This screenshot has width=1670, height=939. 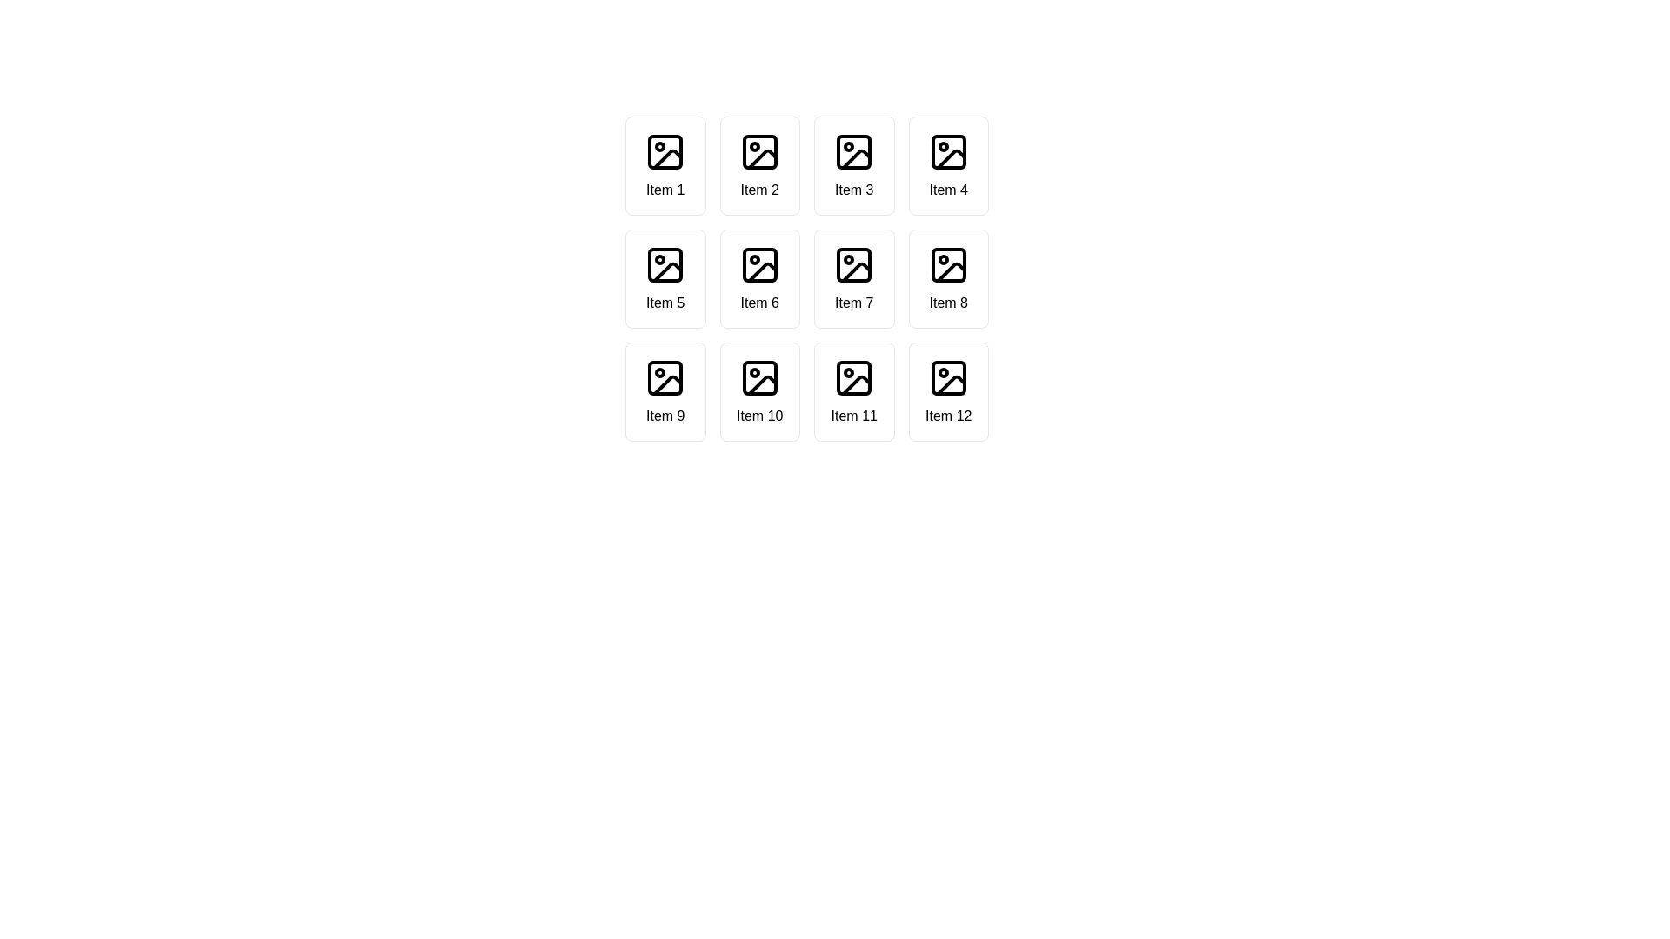 What do you see at coordinates (947, 277) in the screenshot?
I see `the button in the second row, fourth column of the grid layout` at bounding box center [947, 277].